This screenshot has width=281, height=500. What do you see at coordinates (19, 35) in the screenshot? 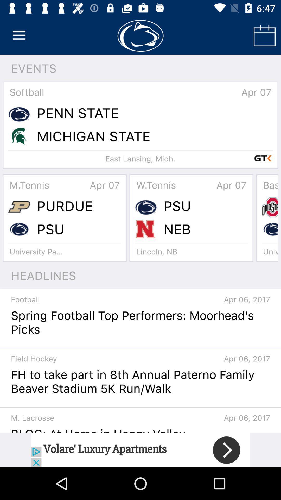
I see `main menu` at bounding box center [19, 35].